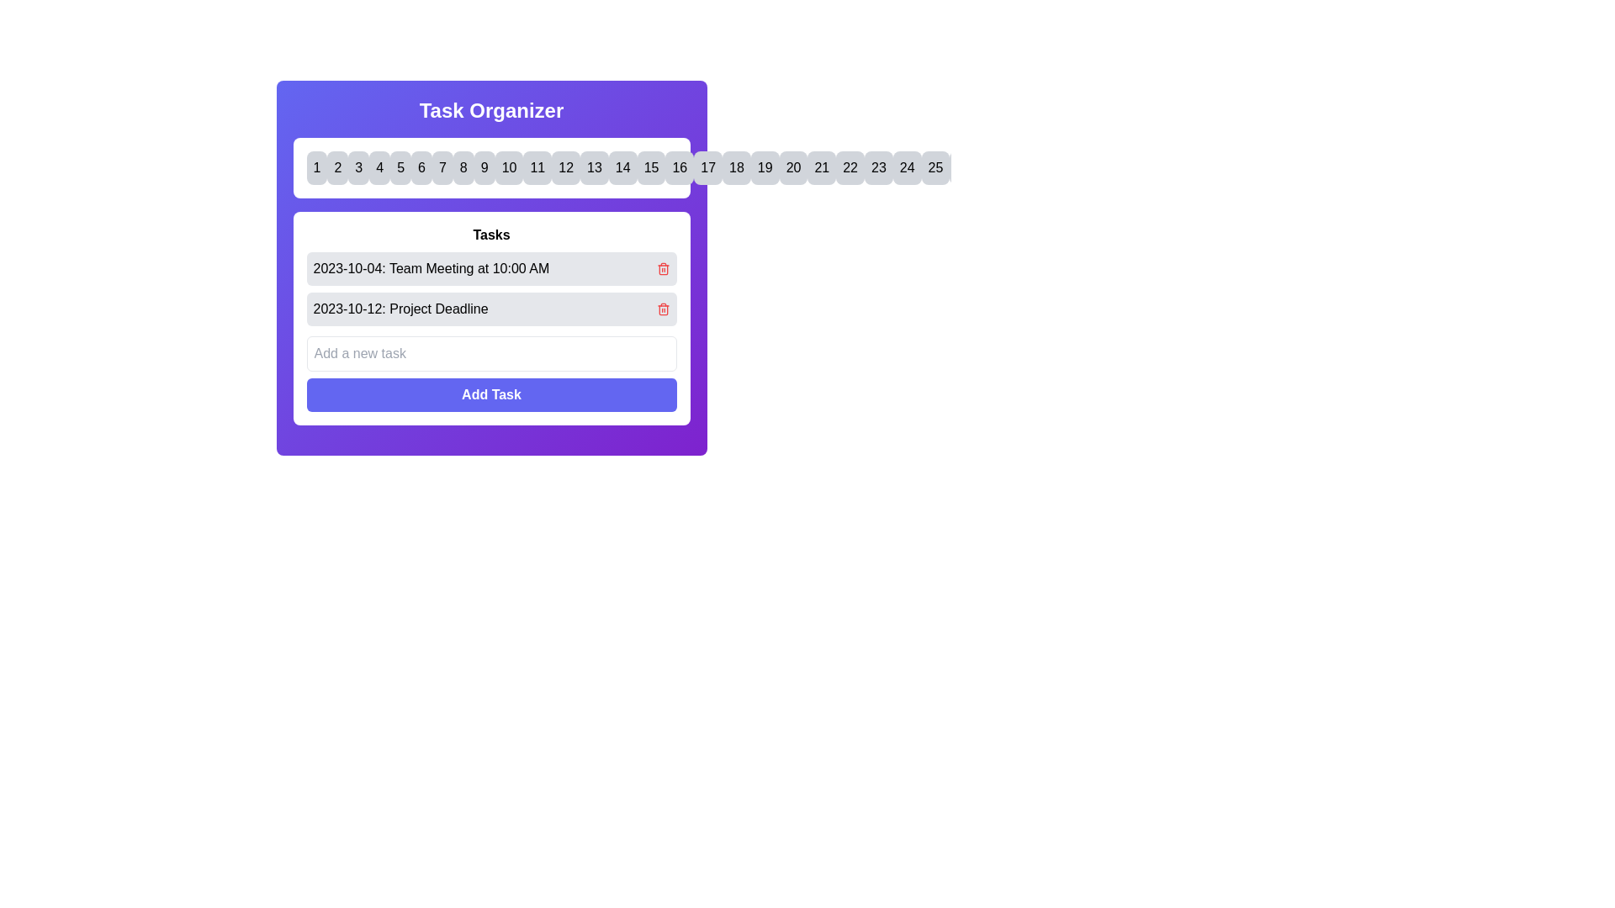  Describe the element at coordinates (463, 168) in the screenshot. I see `the button labeled '8', which is a rounded rectangle with a light gray background and black numeral '8' centered` at that location.